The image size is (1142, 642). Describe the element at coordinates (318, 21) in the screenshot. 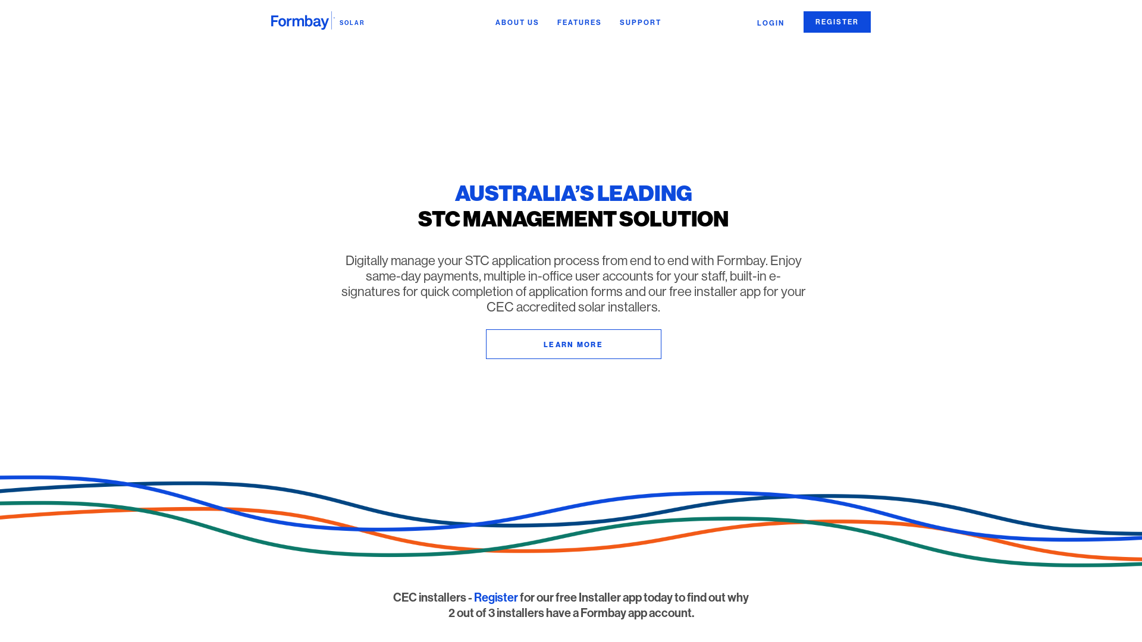

I see `'SOLAR'` at that location.